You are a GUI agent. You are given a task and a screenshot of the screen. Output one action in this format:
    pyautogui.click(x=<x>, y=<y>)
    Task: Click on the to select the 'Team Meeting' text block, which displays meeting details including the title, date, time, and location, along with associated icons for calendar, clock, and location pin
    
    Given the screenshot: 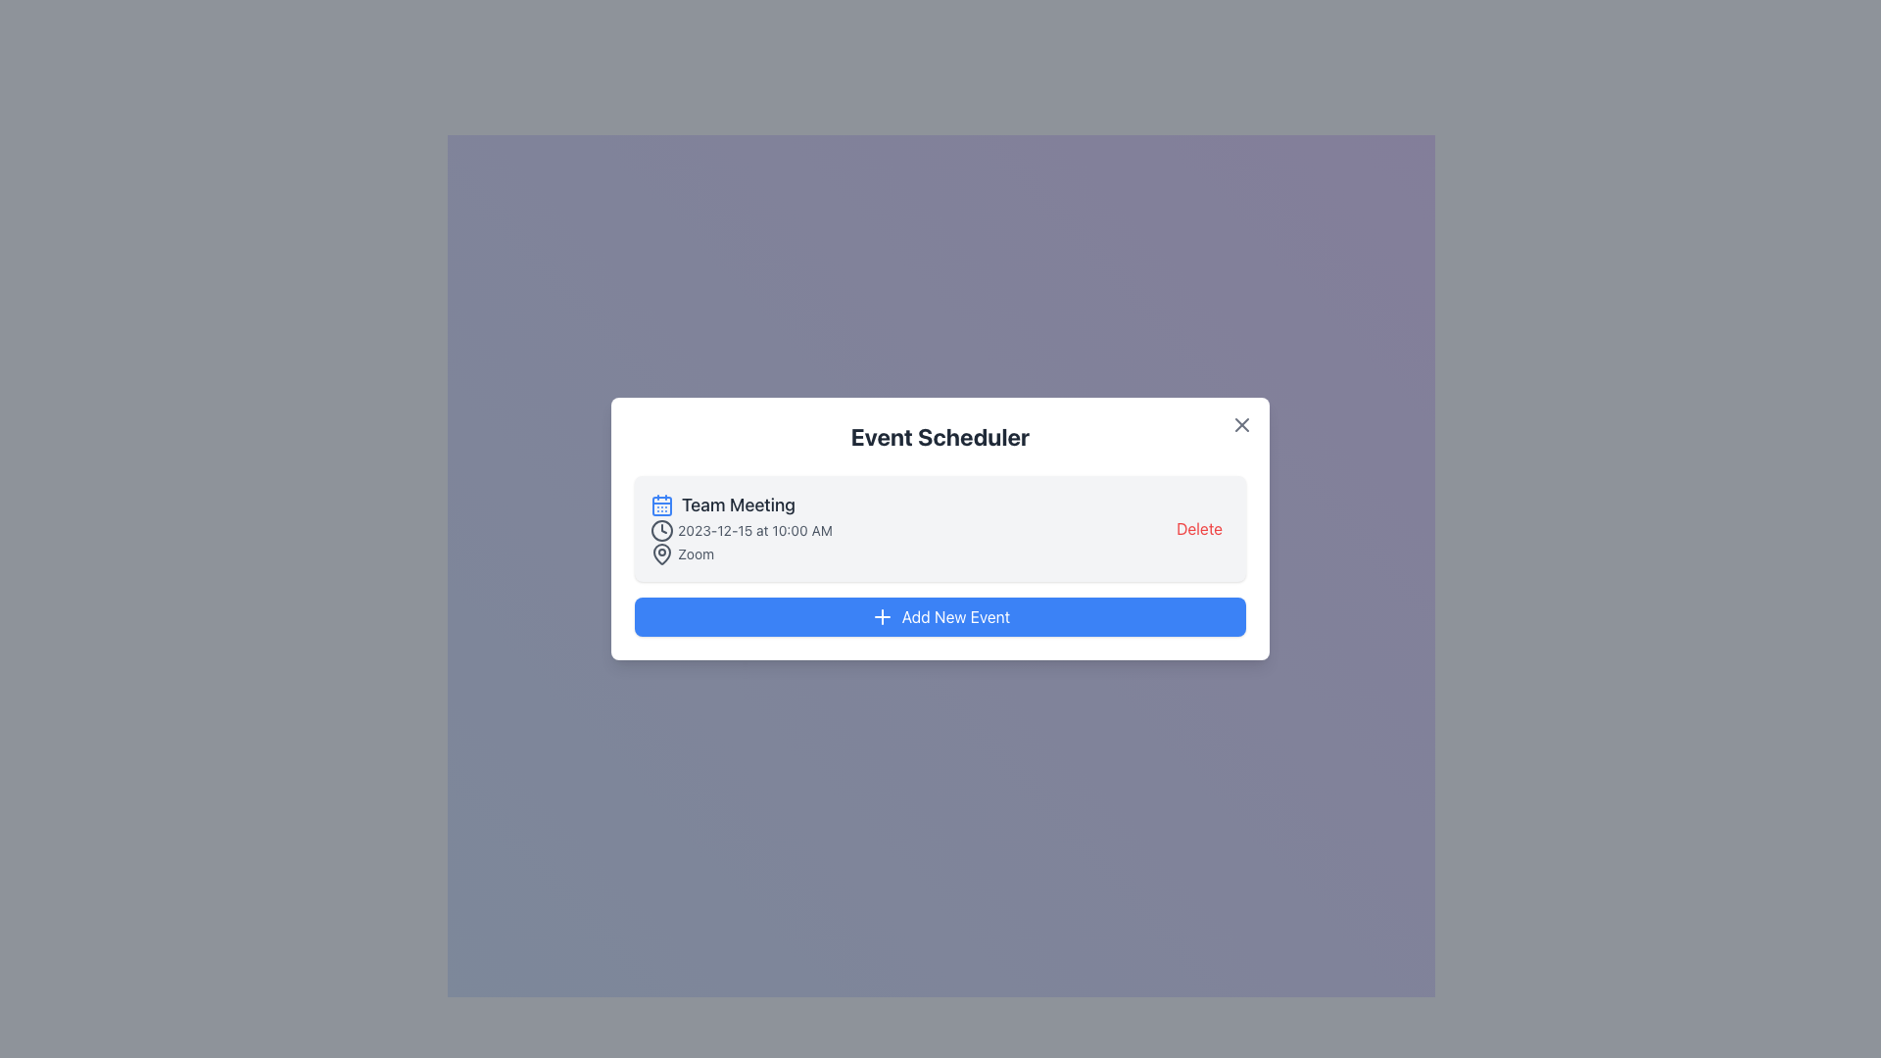 What is the action you would take?
    pyautogui.click(x=740, y=529)
    